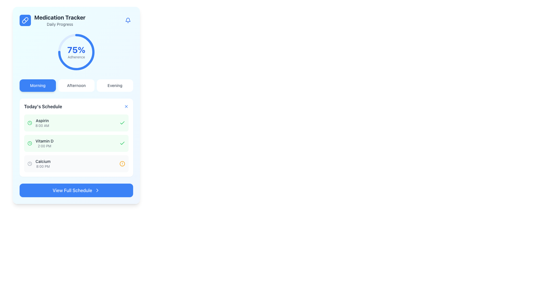 The image size is (545, 306). Describe the element at coordinates (30, 123) in the screenshot. I see `the circular SVG element forming part of the clock icon, which is surrounded by a green stroke and located to the left of the 'Vitamin D' schedule entry in the 'Today's Schedule' panel` at that location.